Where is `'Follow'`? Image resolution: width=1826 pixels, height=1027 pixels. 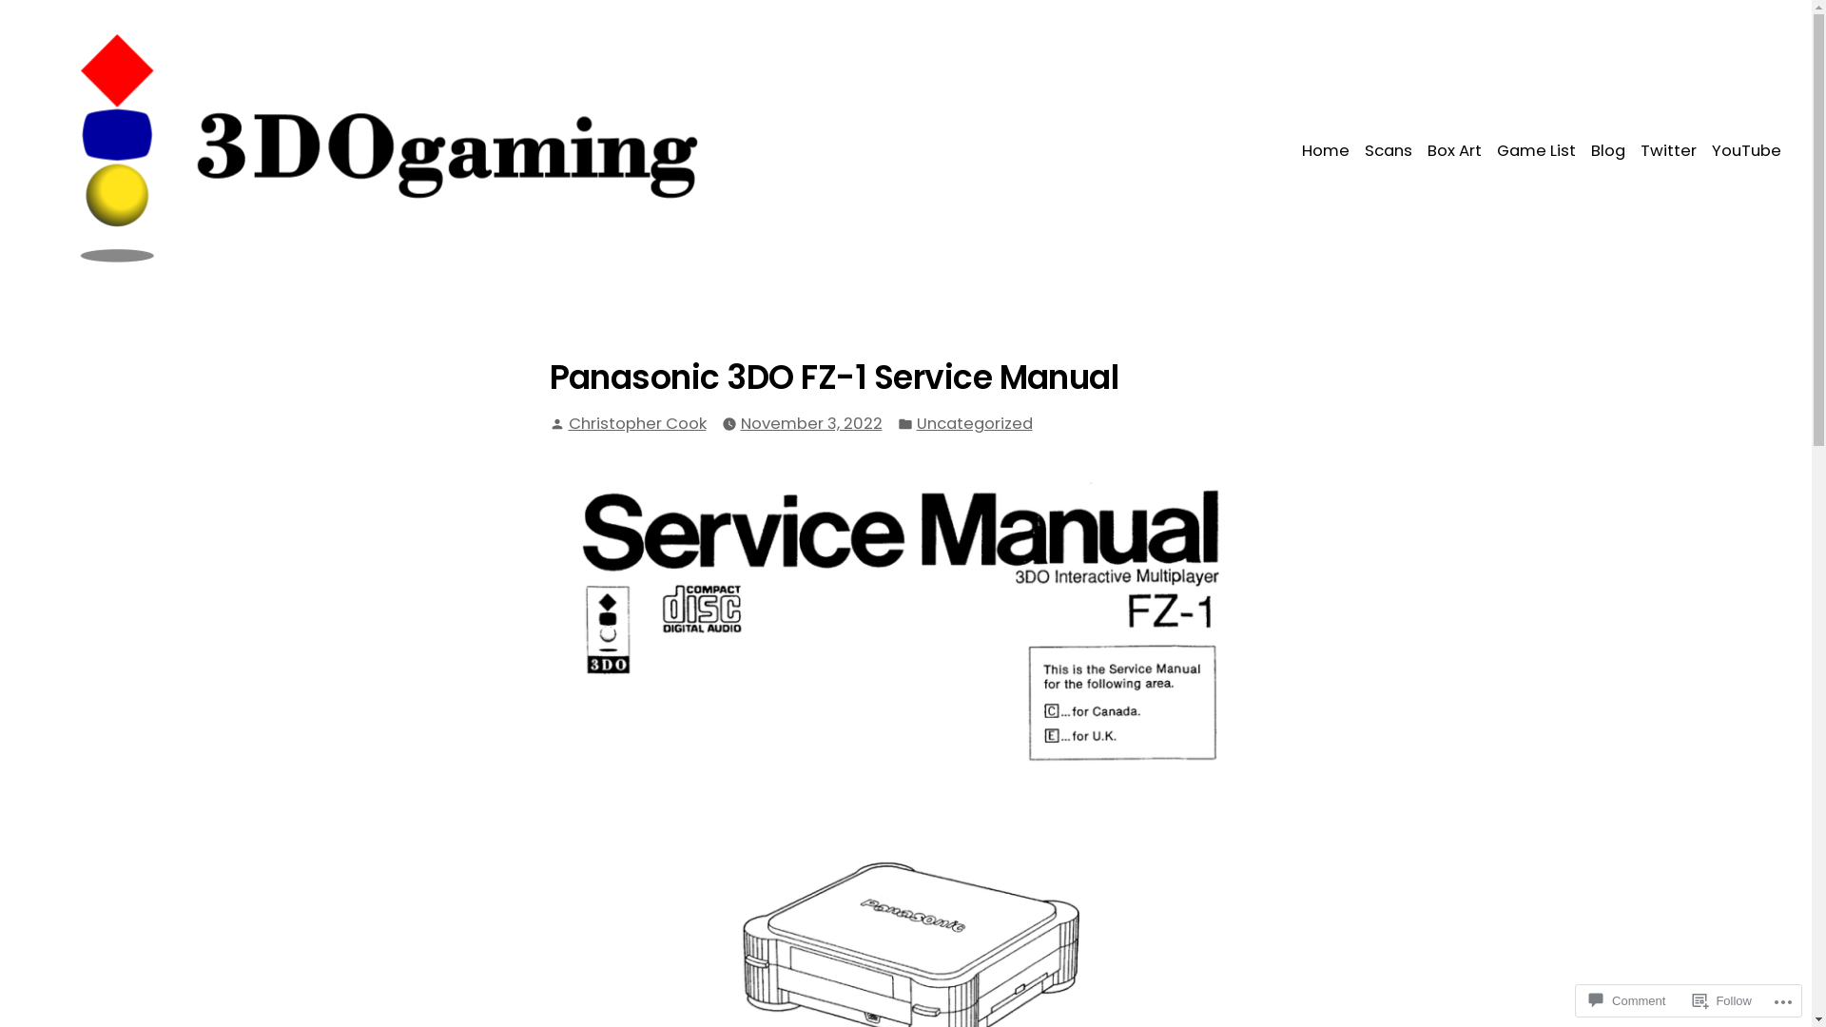
'Follow' is located at coordinates (1684, 999).